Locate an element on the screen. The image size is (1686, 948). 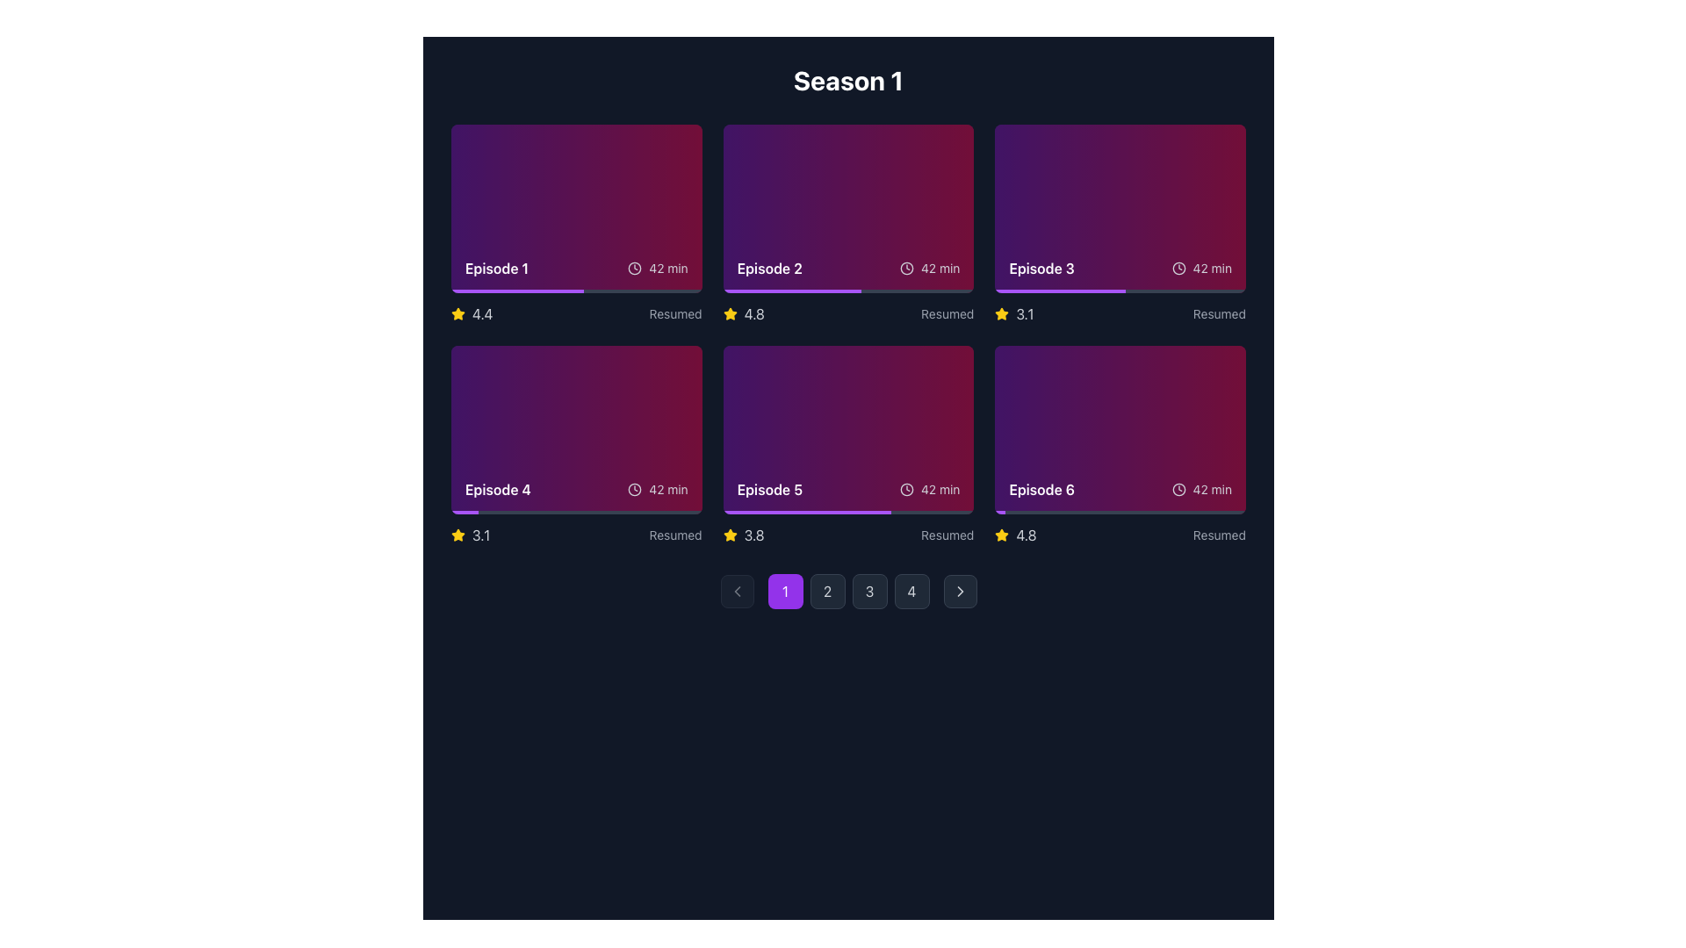
the Text Label displaying the rating '4.4', which is styled in gray and positioned near a star icon, located below the thumbnail for 'Episode 1' is located at coordinates (482, 313).